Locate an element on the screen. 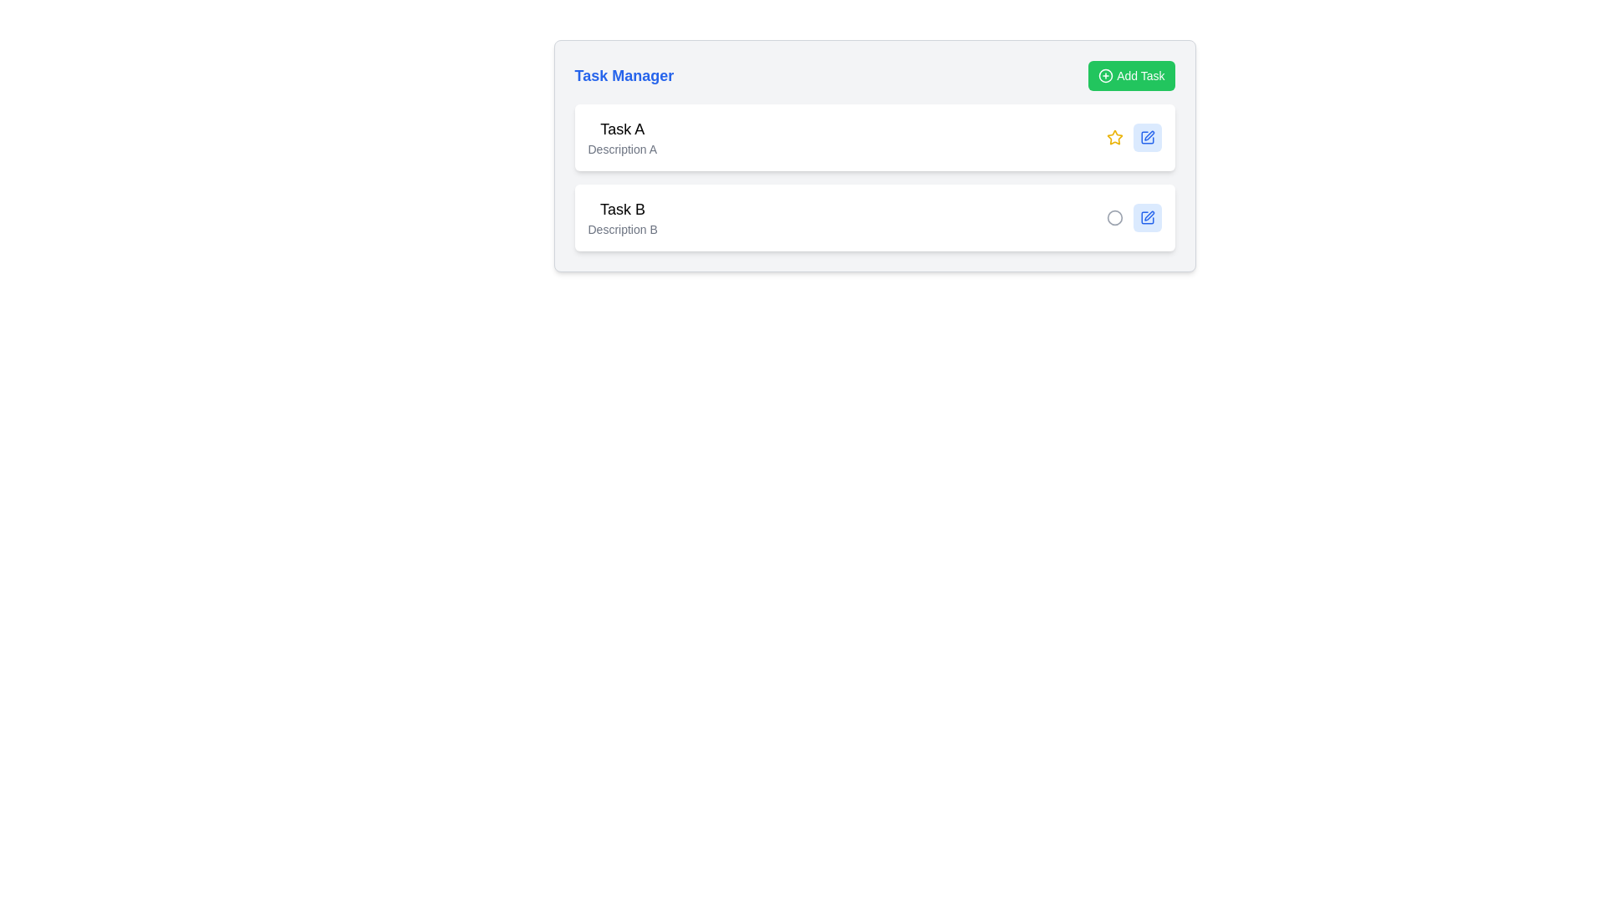 This screenshot has width=1605, height=902. the blue edit icon resembling a pen, located to the far right of the second task item, adjacent to a circular checkbox is located at coordinates (1146, 217).